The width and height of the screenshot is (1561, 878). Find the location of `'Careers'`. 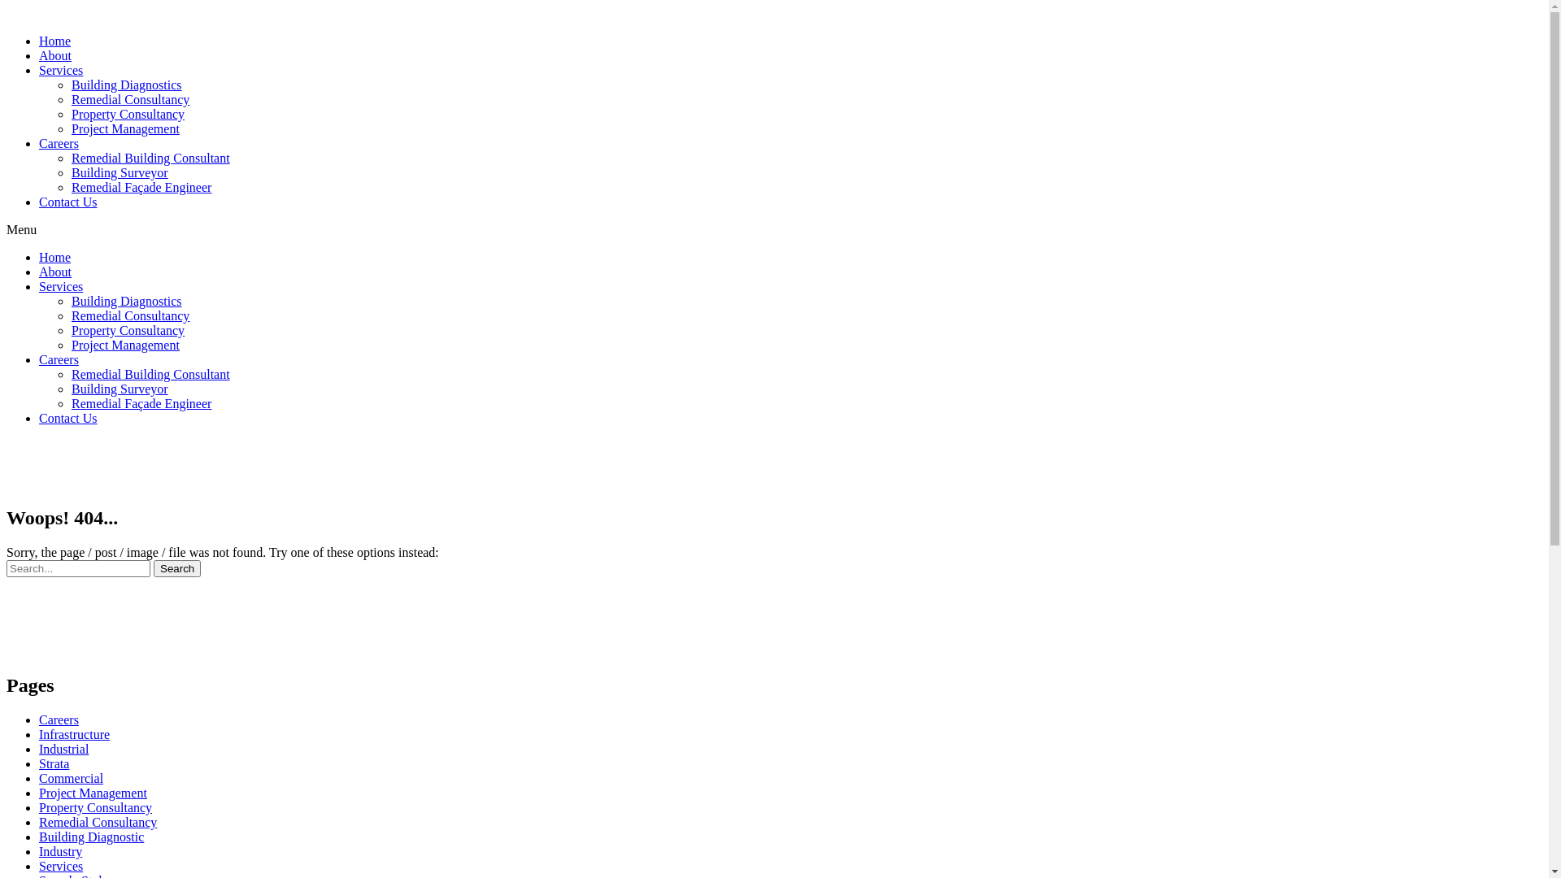

'Careers' is located at coordinates (59, 719).